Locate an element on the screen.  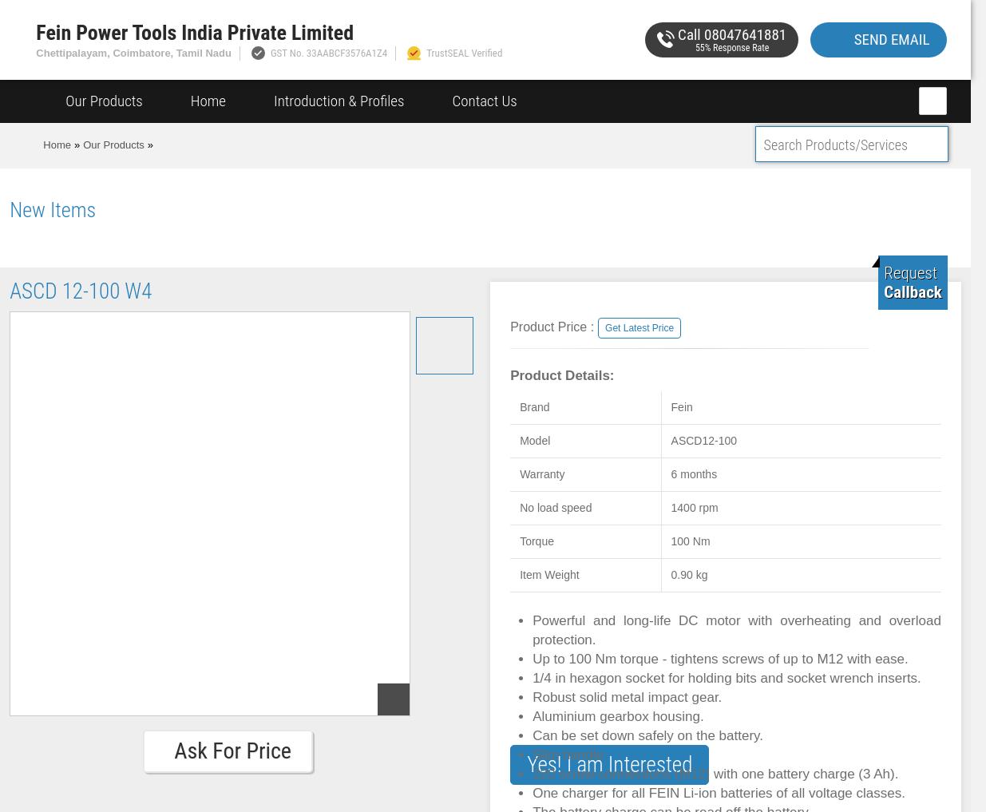
'One charger for all FEIN Li-ion batteries of all voltage classes.' is located at coordinates (717, 793).